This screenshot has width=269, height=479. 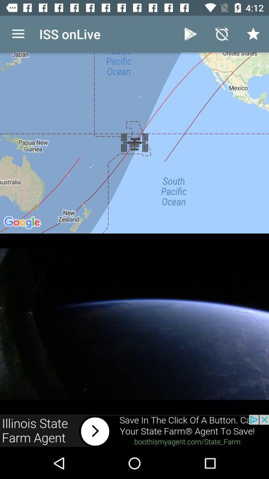 What do you see at coordinates (134, 431) in the screenshot?
I see `connect to link` at bounding box center [134, 431].